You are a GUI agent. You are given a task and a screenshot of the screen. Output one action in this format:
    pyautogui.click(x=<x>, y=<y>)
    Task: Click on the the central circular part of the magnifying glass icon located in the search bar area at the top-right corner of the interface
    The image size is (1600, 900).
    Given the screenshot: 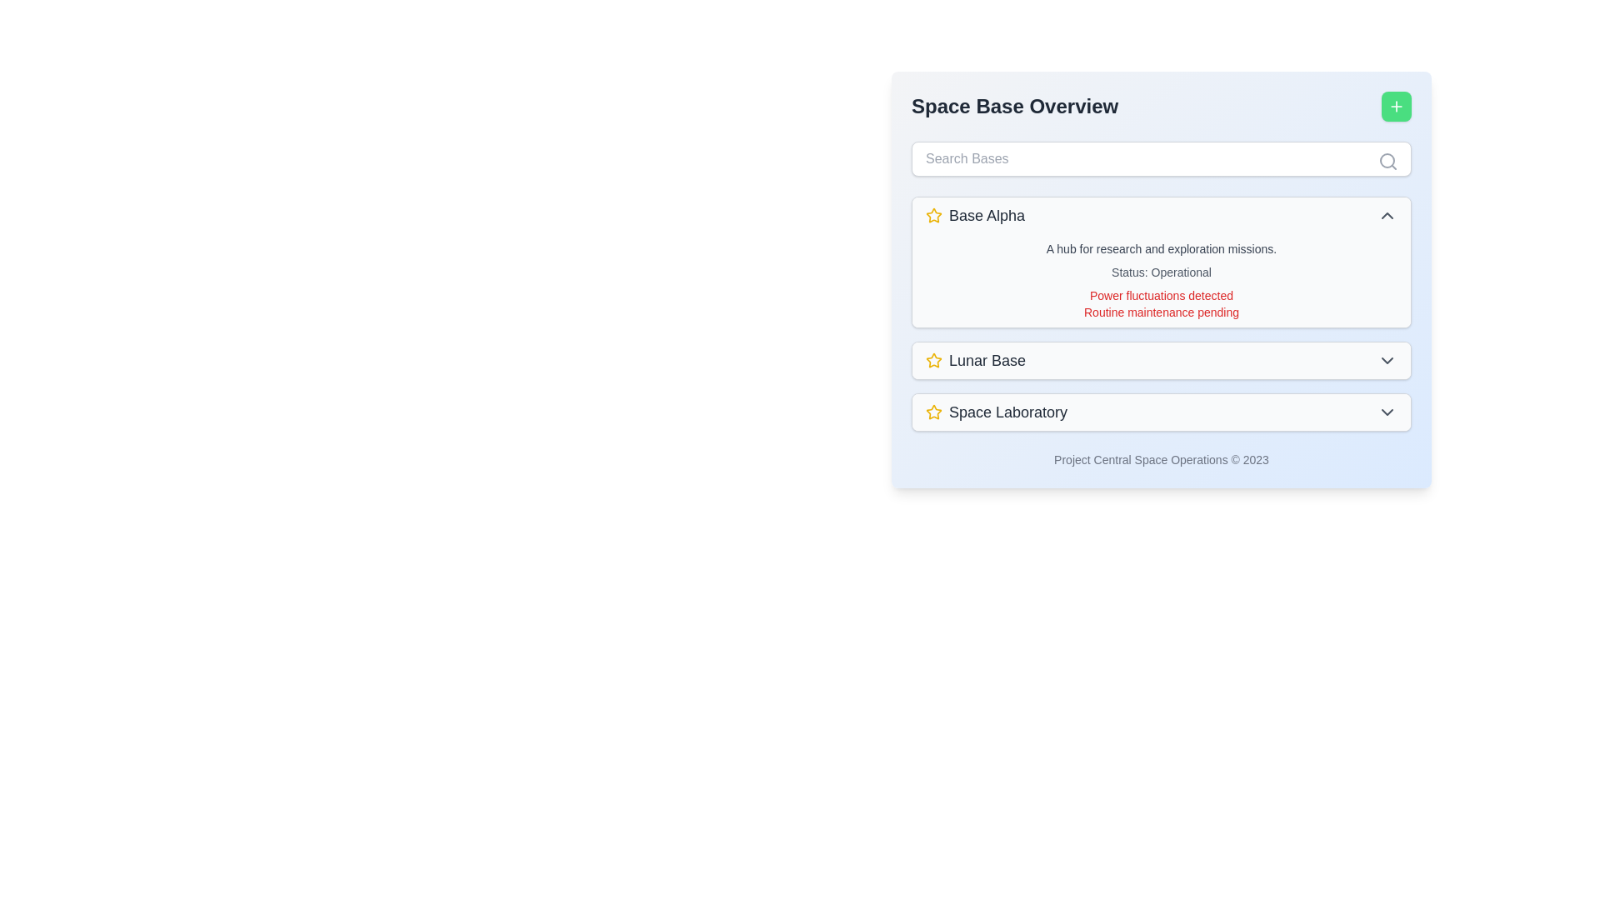 What is the action you would take?
    pyautogui.click(x=1387, y=160)
    